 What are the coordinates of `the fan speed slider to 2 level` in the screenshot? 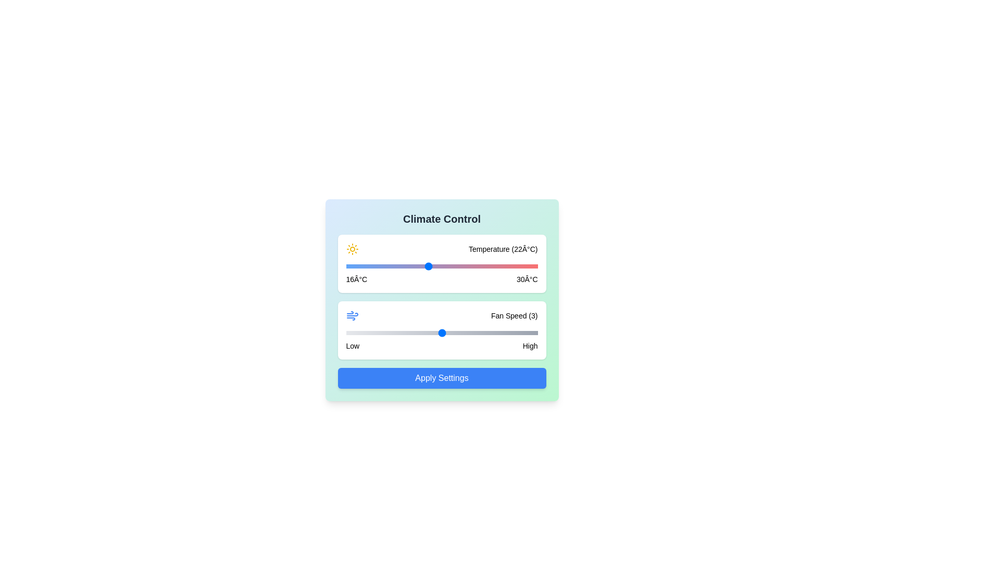 It's located at (393, 333).